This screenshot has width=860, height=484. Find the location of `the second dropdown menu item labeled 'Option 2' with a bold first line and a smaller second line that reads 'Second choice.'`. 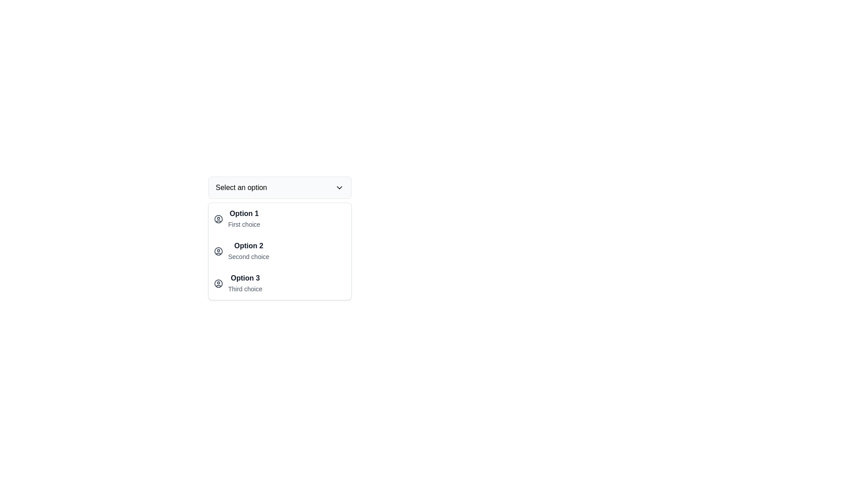

the second dropdown menu item labeled 'Option 2' with a bold first line and a smaller second line that reads 'Second choice.' is located at coordinates (279, 251).